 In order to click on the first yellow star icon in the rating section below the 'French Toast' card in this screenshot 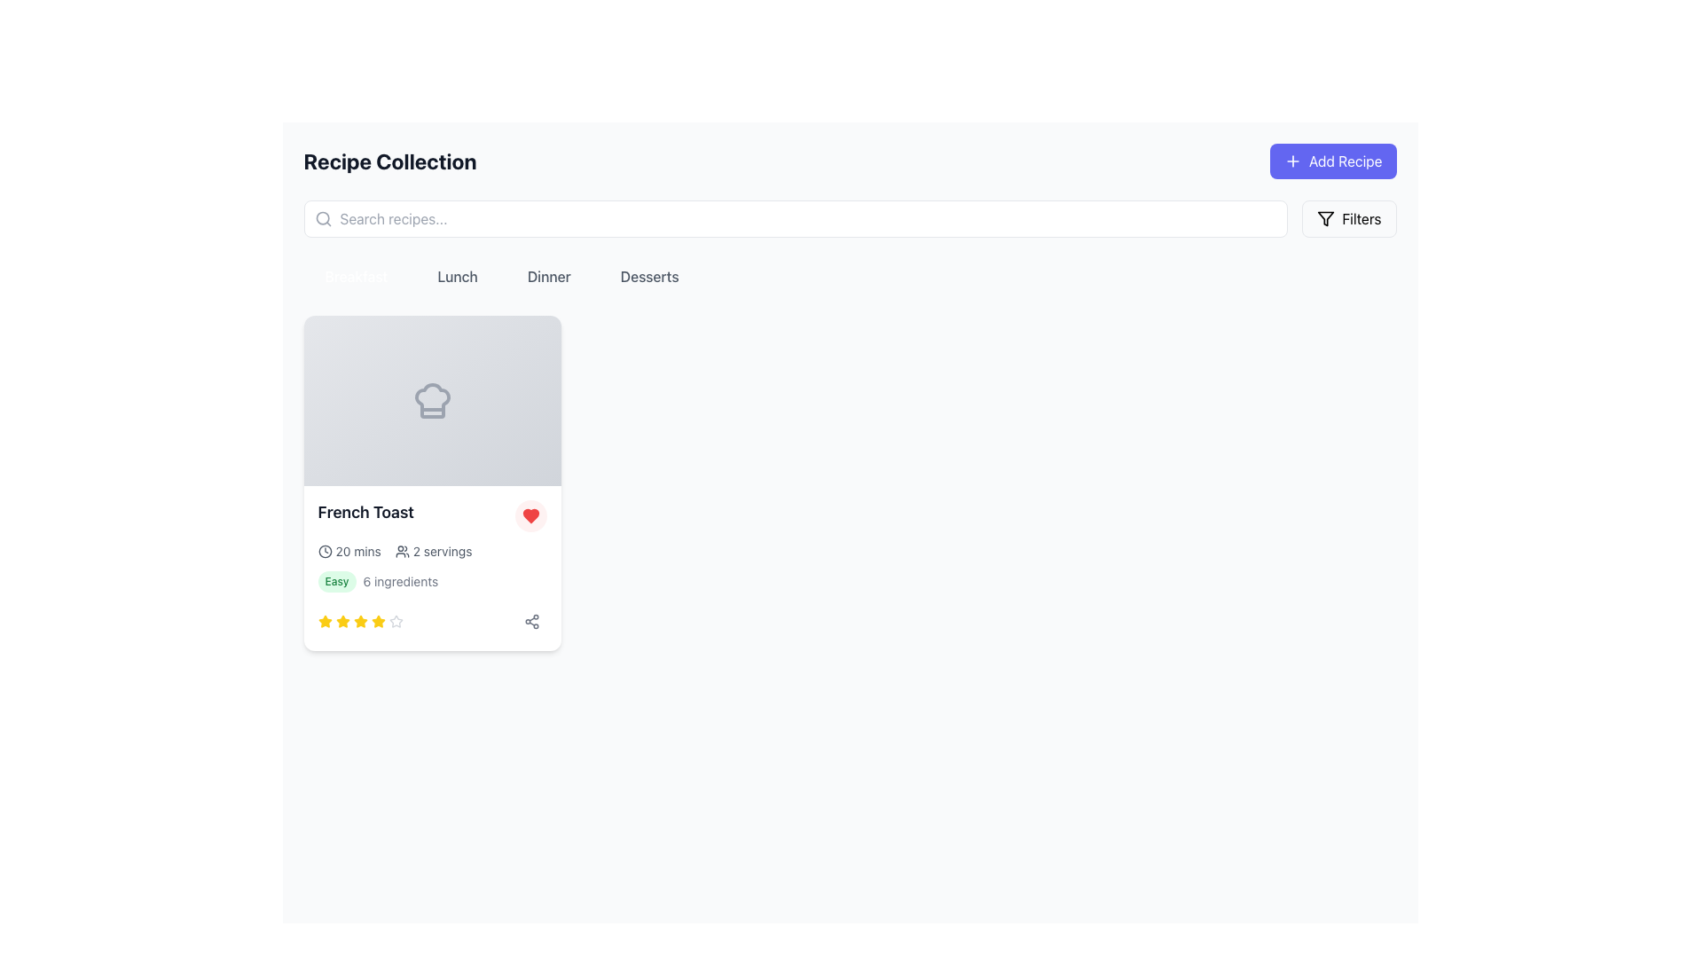, I will do `click(342, 620)`.